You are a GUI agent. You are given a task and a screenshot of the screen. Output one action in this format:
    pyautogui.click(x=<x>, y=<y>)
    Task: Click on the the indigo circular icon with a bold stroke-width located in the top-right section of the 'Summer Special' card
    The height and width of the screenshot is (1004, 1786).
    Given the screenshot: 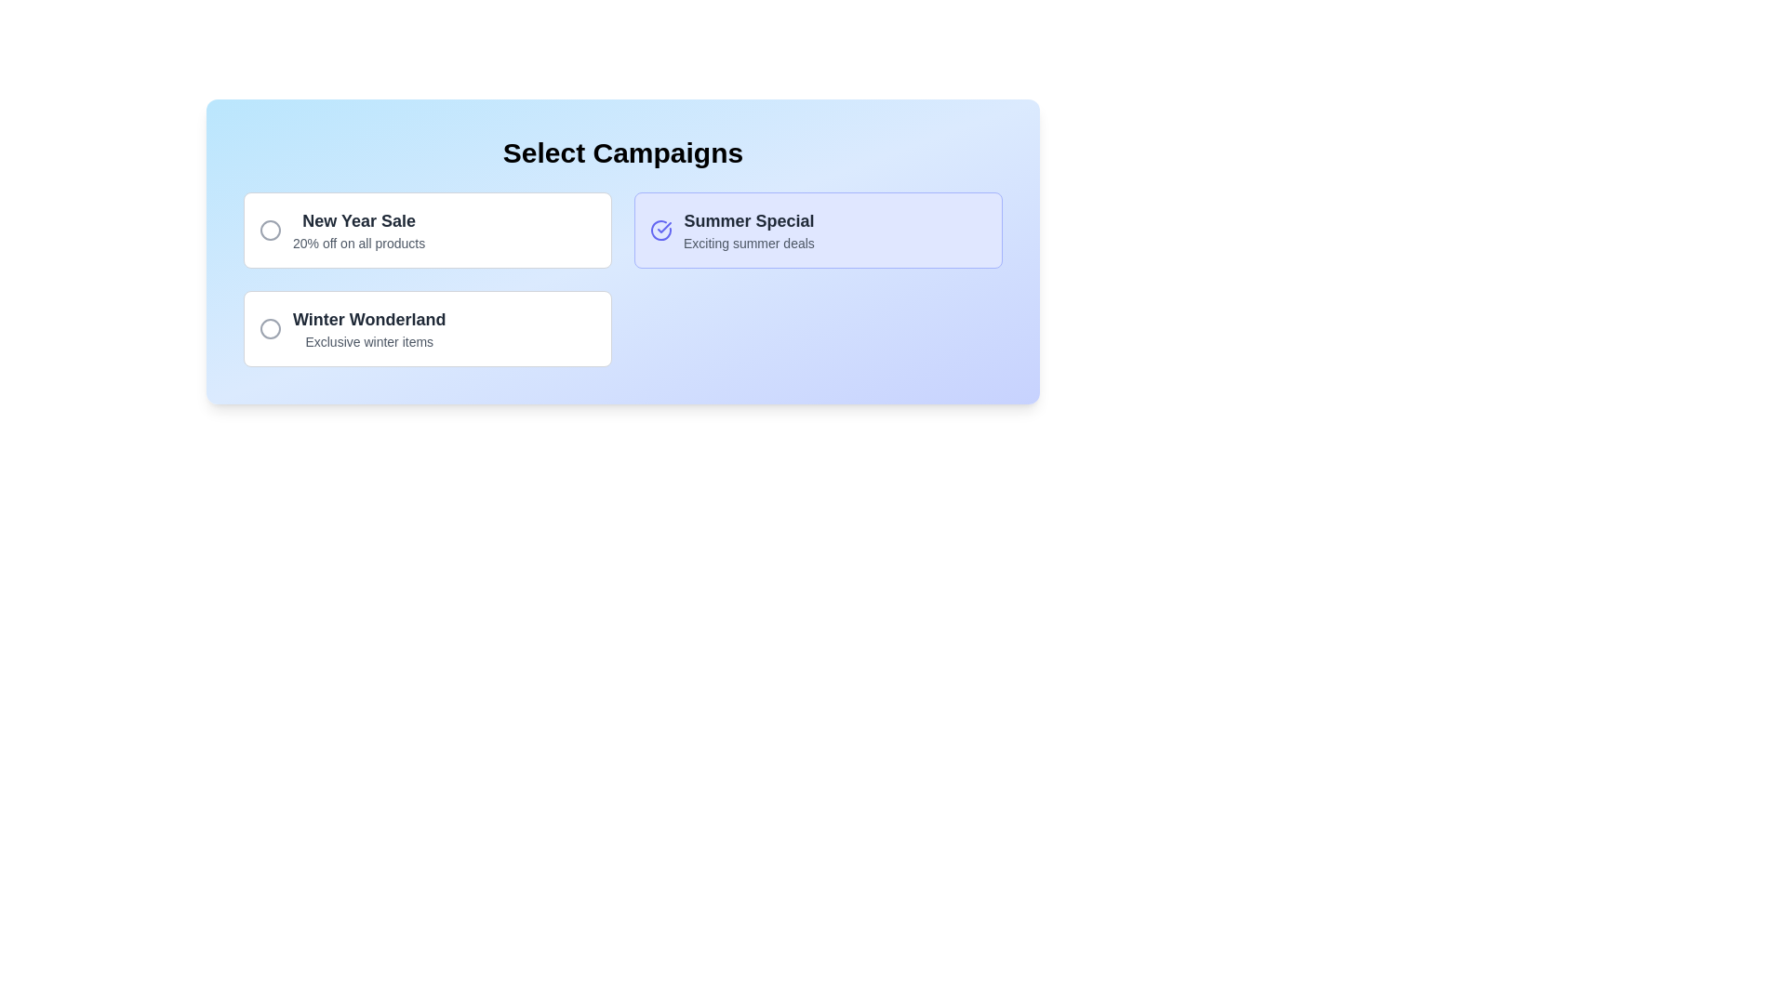 What is the action you would take?
    pyautogui.click(x=660, y=229)
    